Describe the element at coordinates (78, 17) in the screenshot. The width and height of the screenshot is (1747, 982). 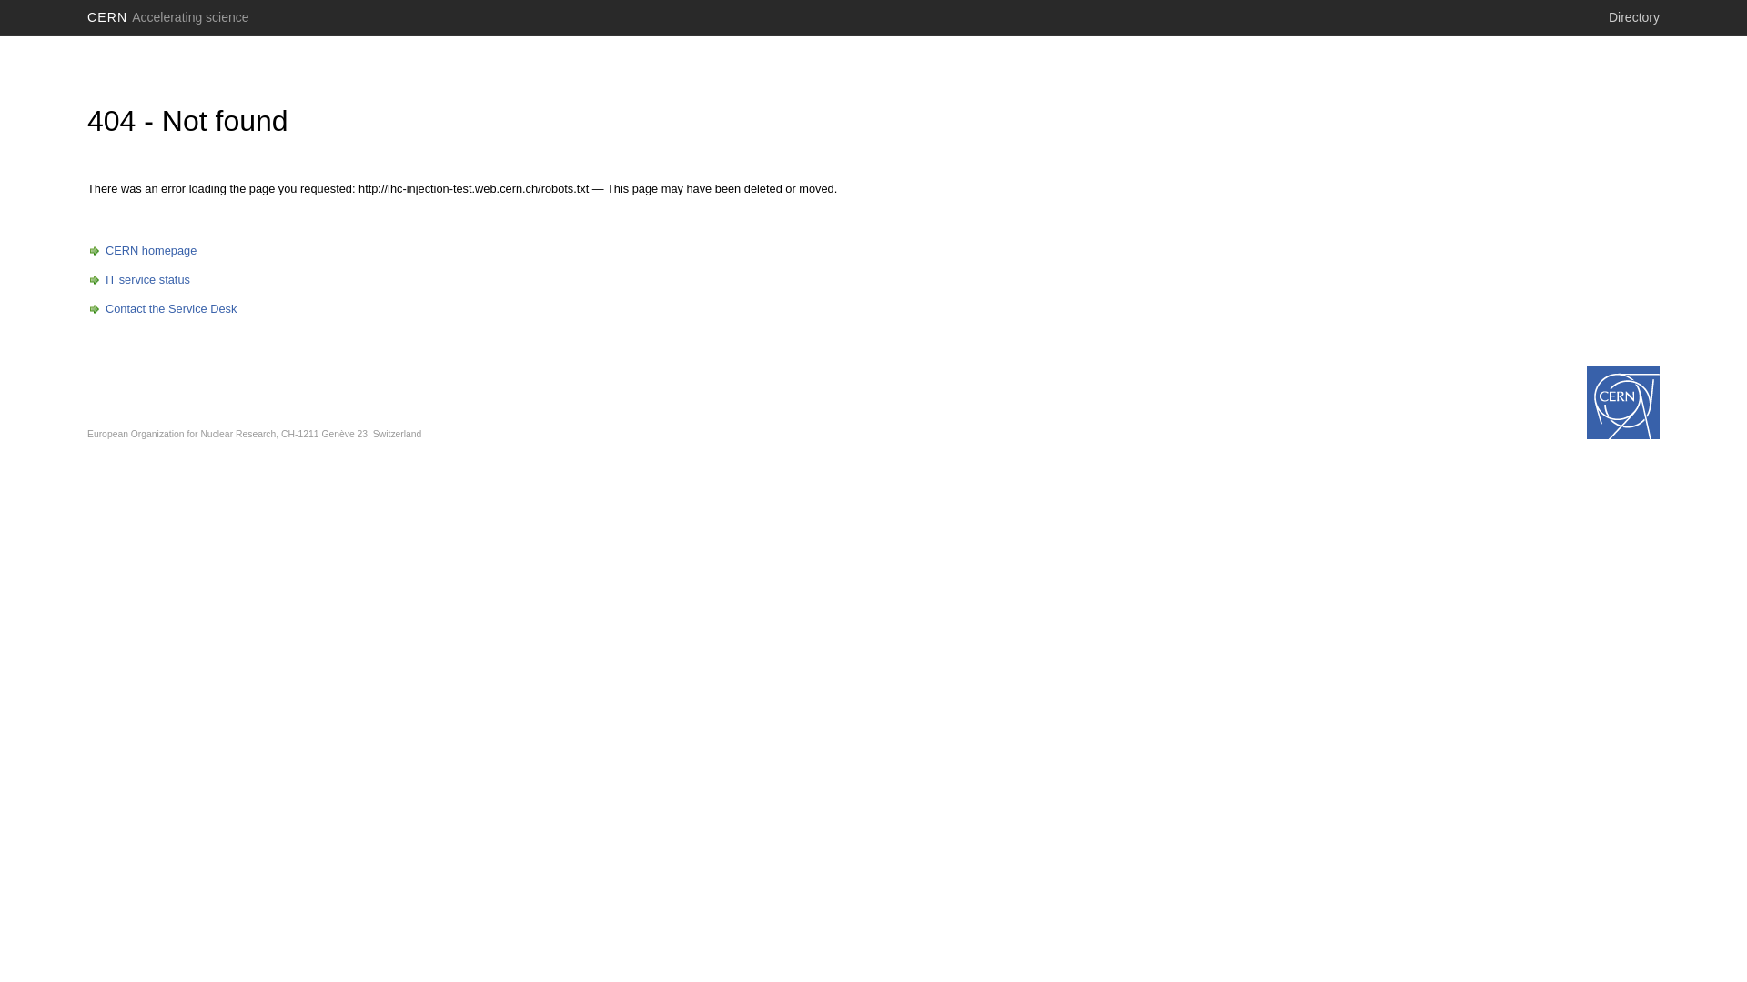
I see `'CERN Accelerating science'` at that location.